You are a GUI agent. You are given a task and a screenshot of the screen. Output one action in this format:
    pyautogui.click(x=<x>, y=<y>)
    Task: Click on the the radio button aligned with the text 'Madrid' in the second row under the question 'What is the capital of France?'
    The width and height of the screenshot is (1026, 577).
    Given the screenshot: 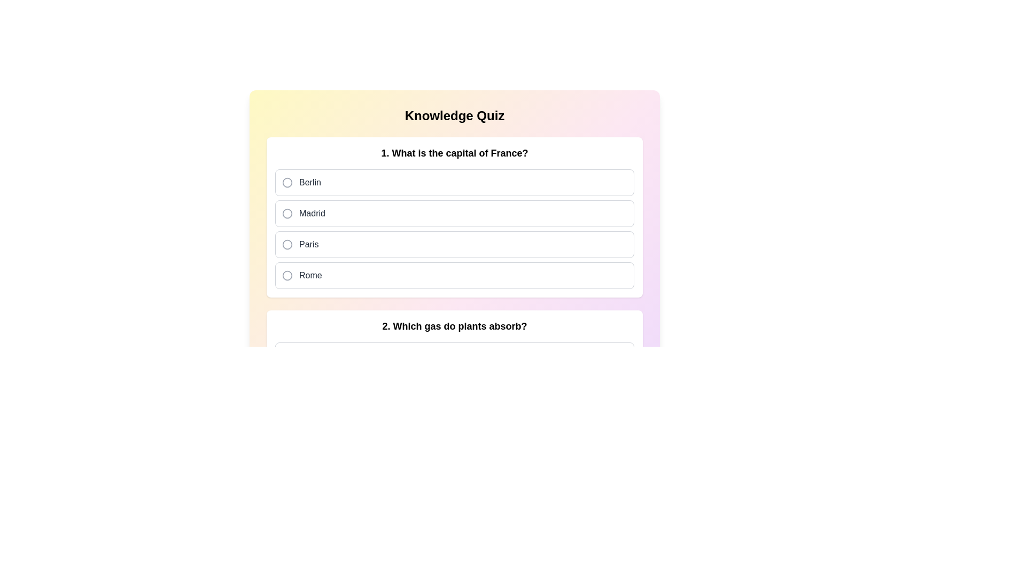 What is the action you would take?
    pyautogui.click(x=287, y=214)
    